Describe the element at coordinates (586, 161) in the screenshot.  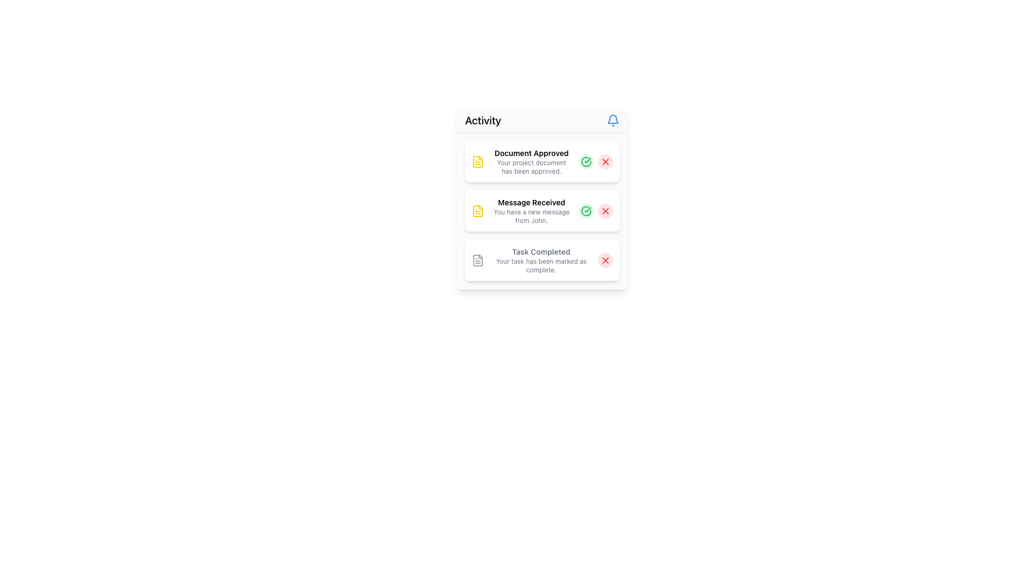
I see `the green Success Indicator Icon located at the top of the 'Activity' section, next to the 'Document Approved' message` at that location.